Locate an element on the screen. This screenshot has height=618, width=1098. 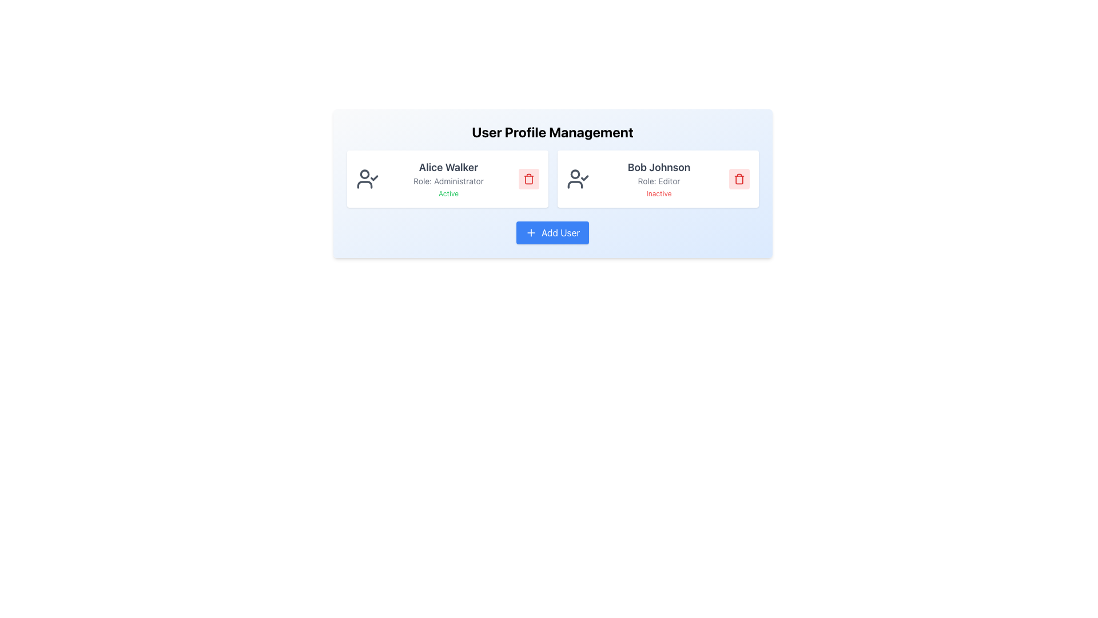
the blue button labeled 'Add User' that contains a small plus sign icon in the center is located at coordinates (530, 232).